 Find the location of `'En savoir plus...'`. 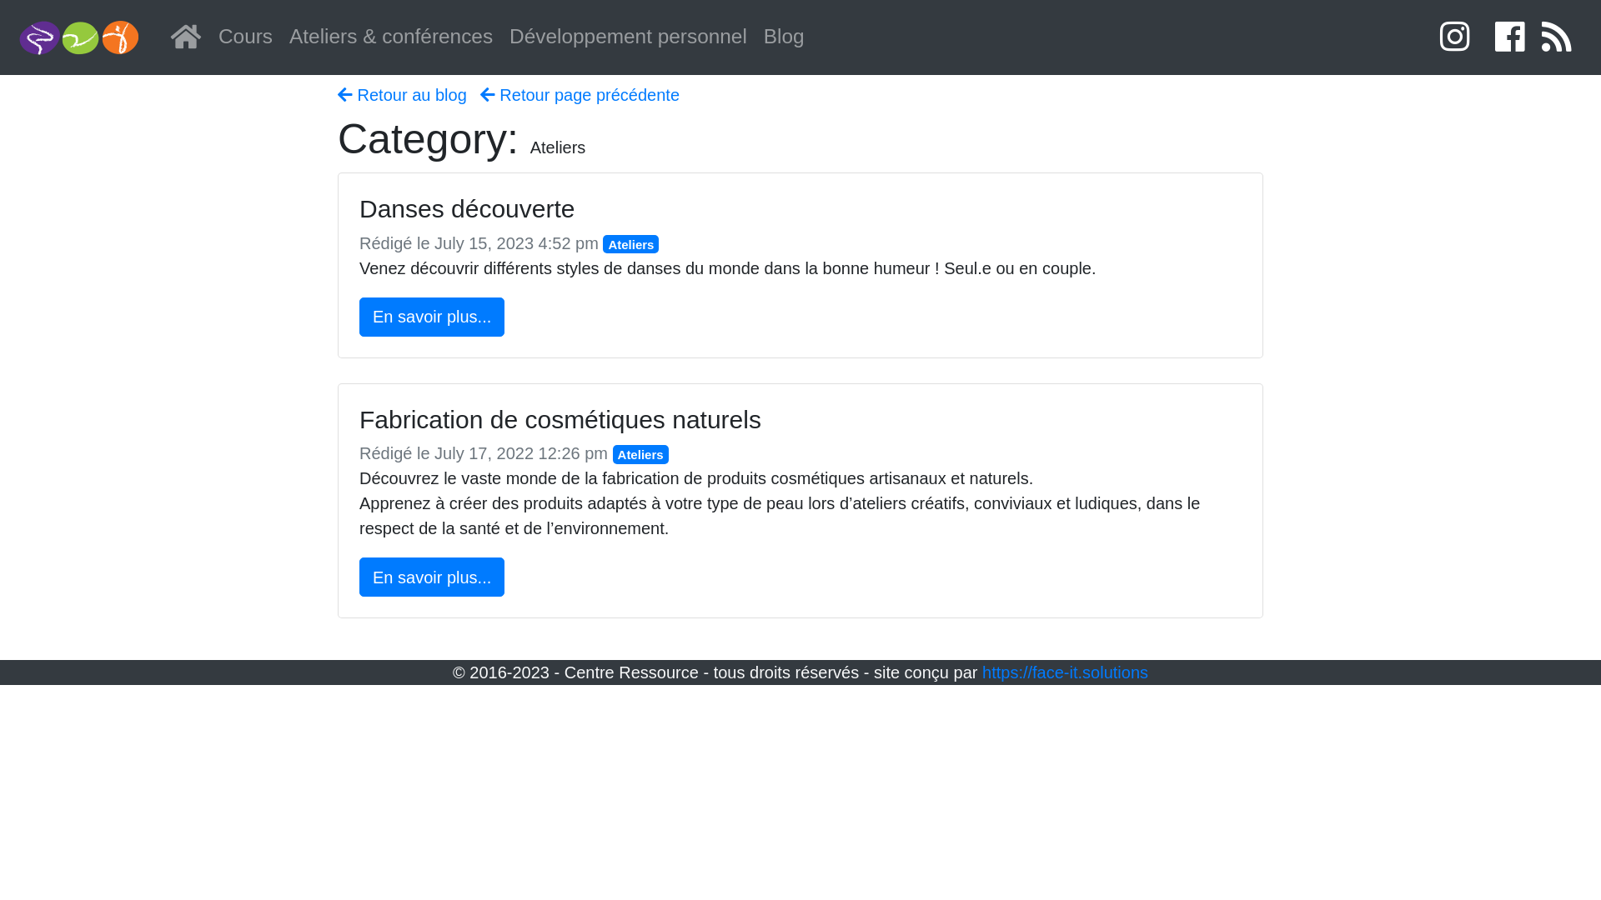

'En savoir plus...' is located at coordinates (432, 576).